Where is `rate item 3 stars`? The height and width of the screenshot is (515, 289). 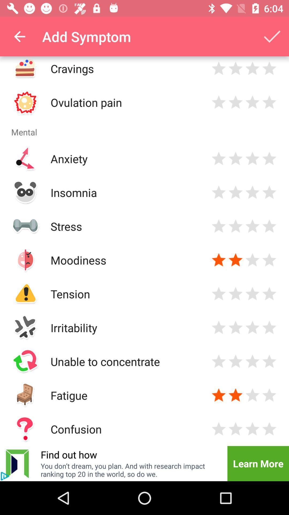 rate item 3 stars is located at coordinates (252, 68).